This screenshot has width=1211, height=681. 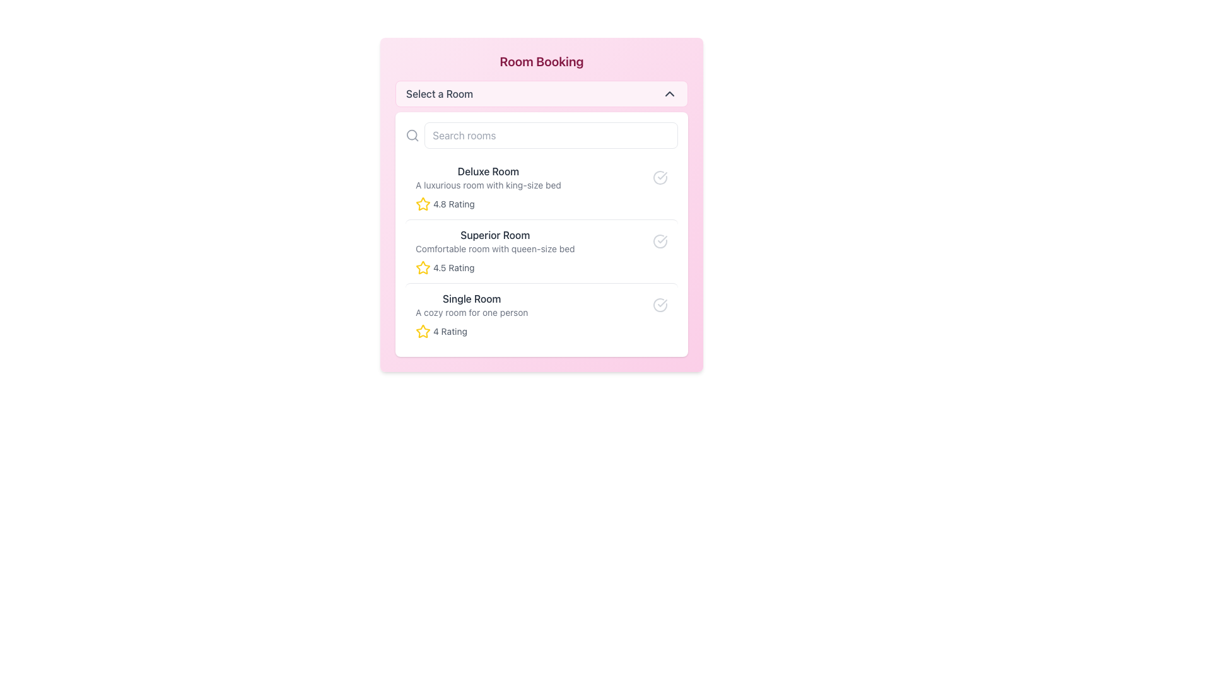 I want to click on value of the '4 Rating' label next to the yellow star icon in the room selection list for the 'Single Room', so click(x=450, y=330).